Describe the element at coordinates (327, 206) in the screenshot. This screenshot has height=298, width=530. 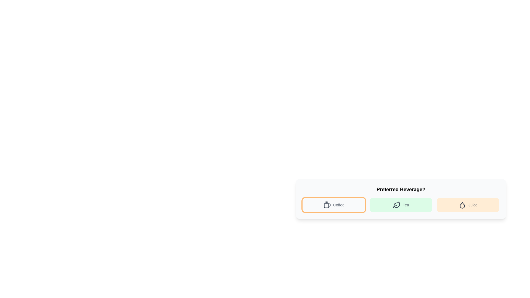
I see `the coffee mug icon element, which represents the 'Coffee' option in the beverage preferences, to trigger any associated hover effects` at that location.